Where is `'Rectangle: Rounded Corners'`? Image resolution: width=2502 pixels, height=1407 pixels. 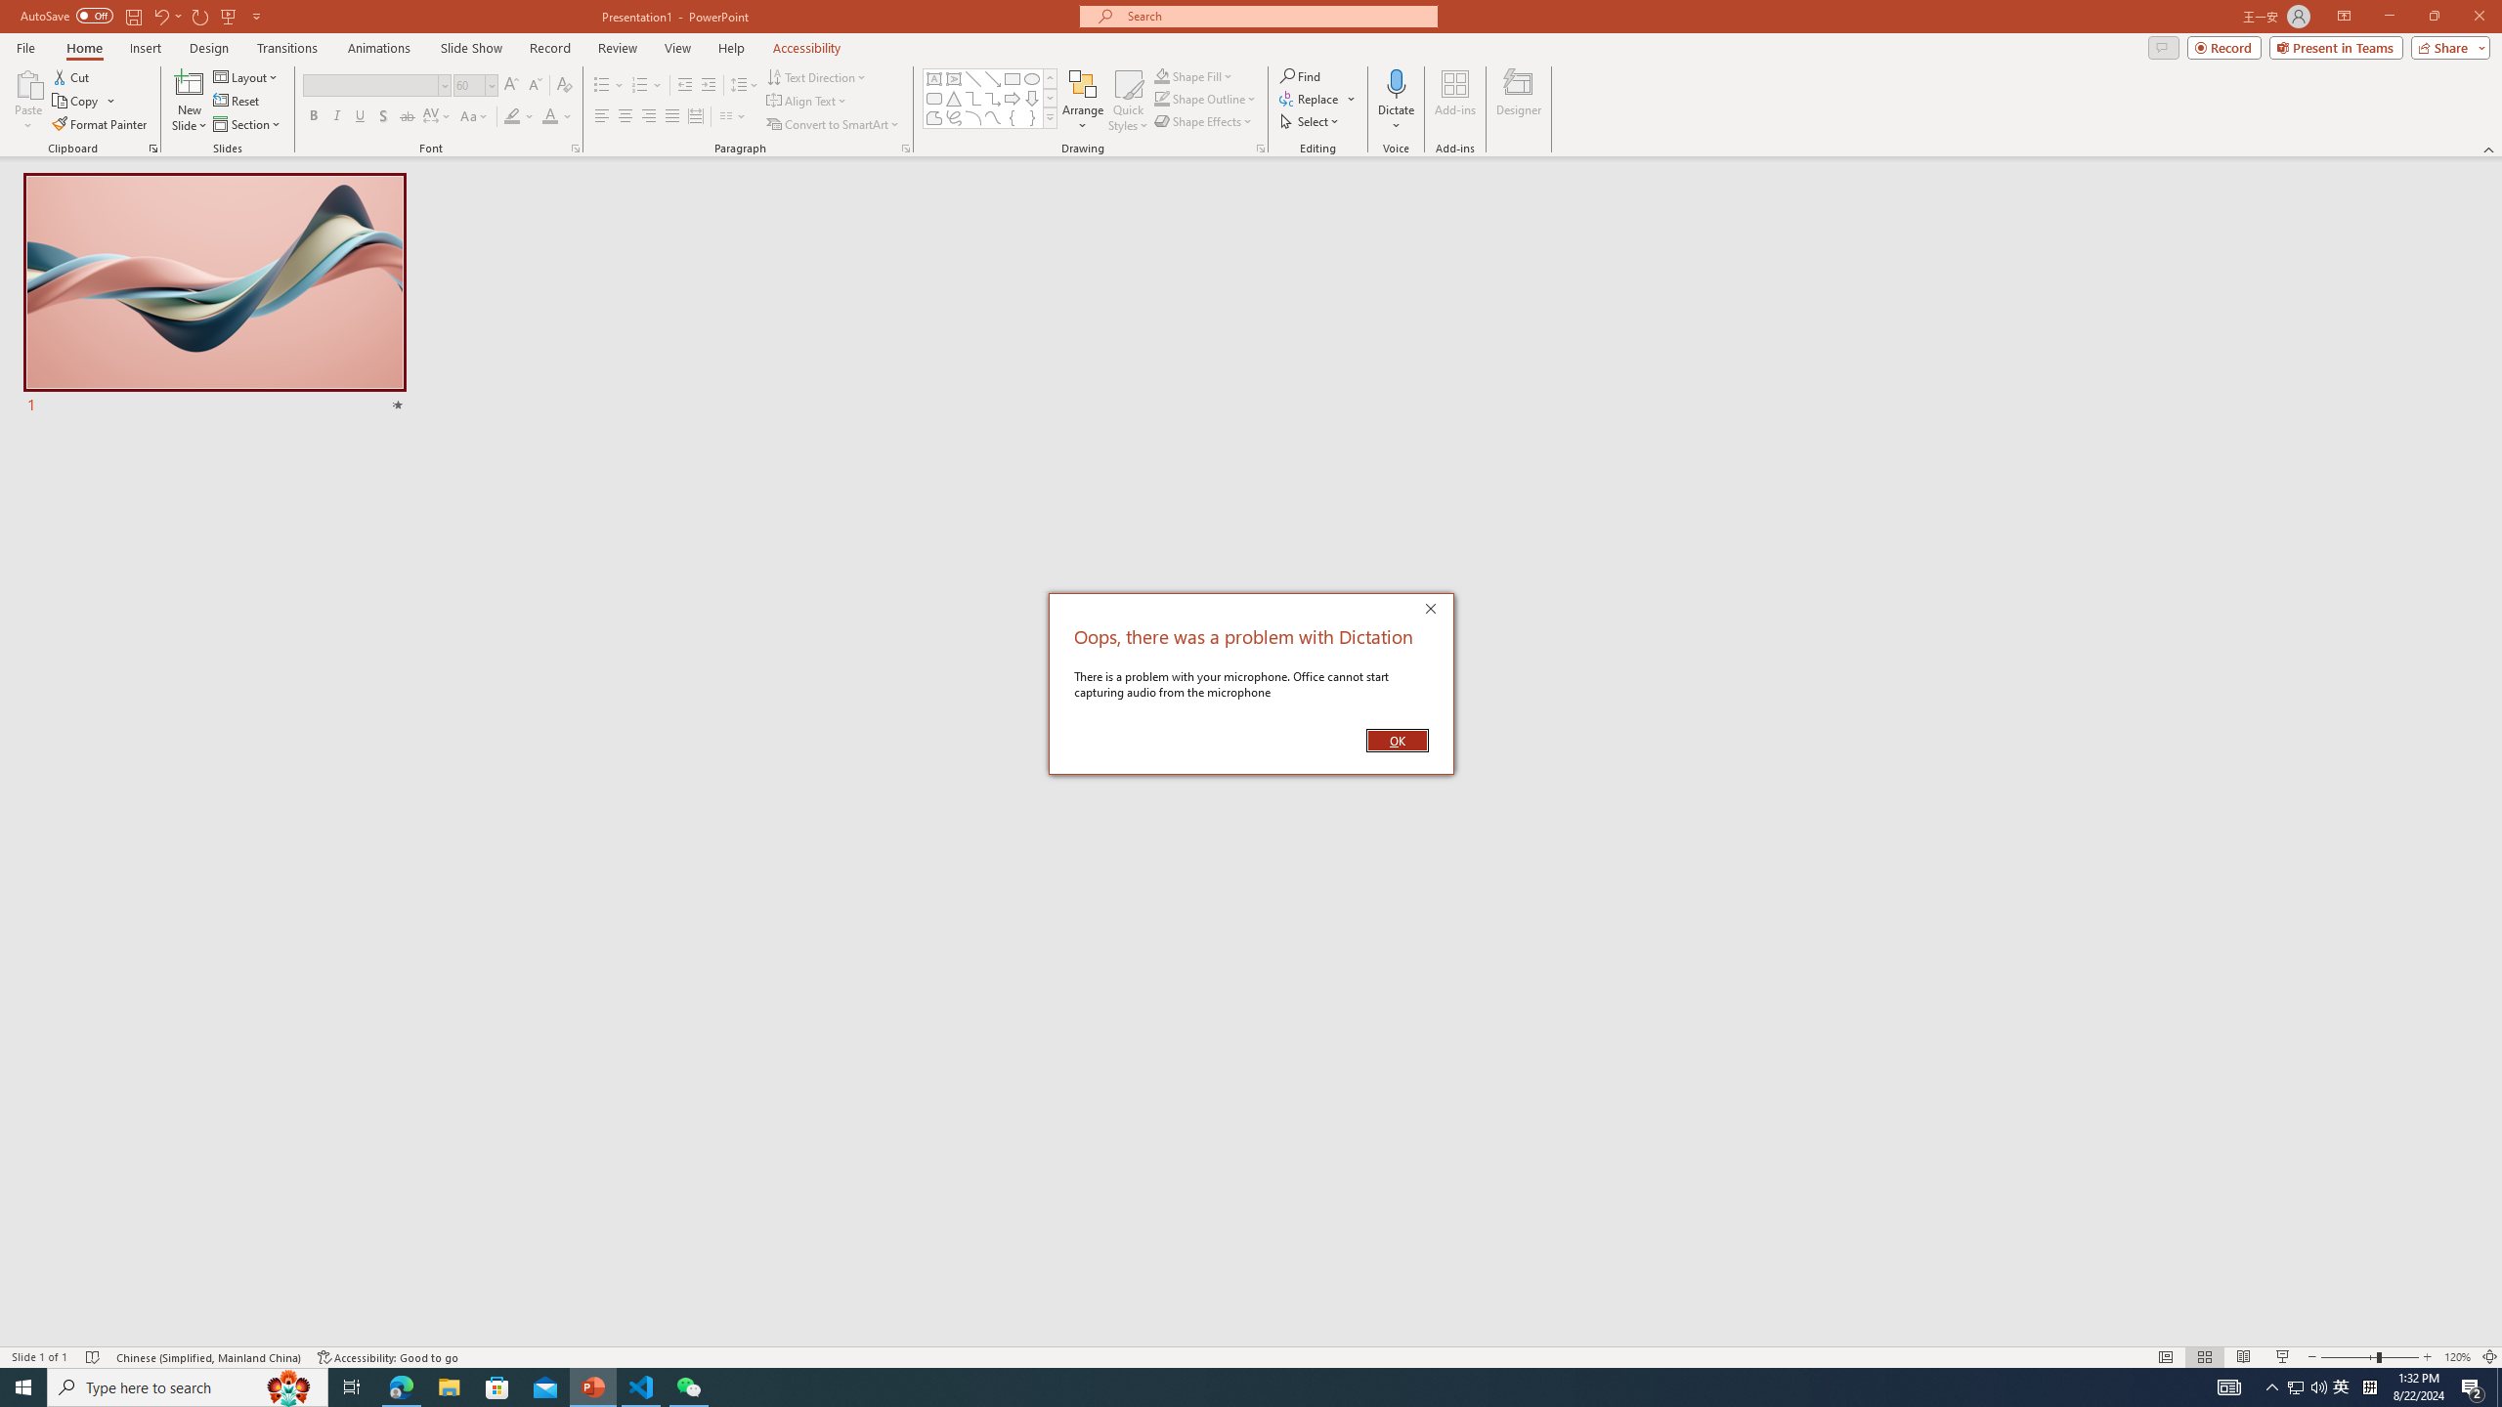
'Rectangle: Rounded Corners' is located at coordinates (933, 97).